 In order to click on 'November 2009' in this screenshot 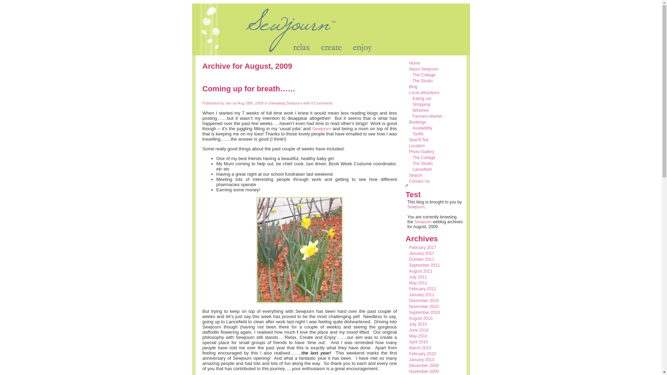, I will do `click(423, 371)`.